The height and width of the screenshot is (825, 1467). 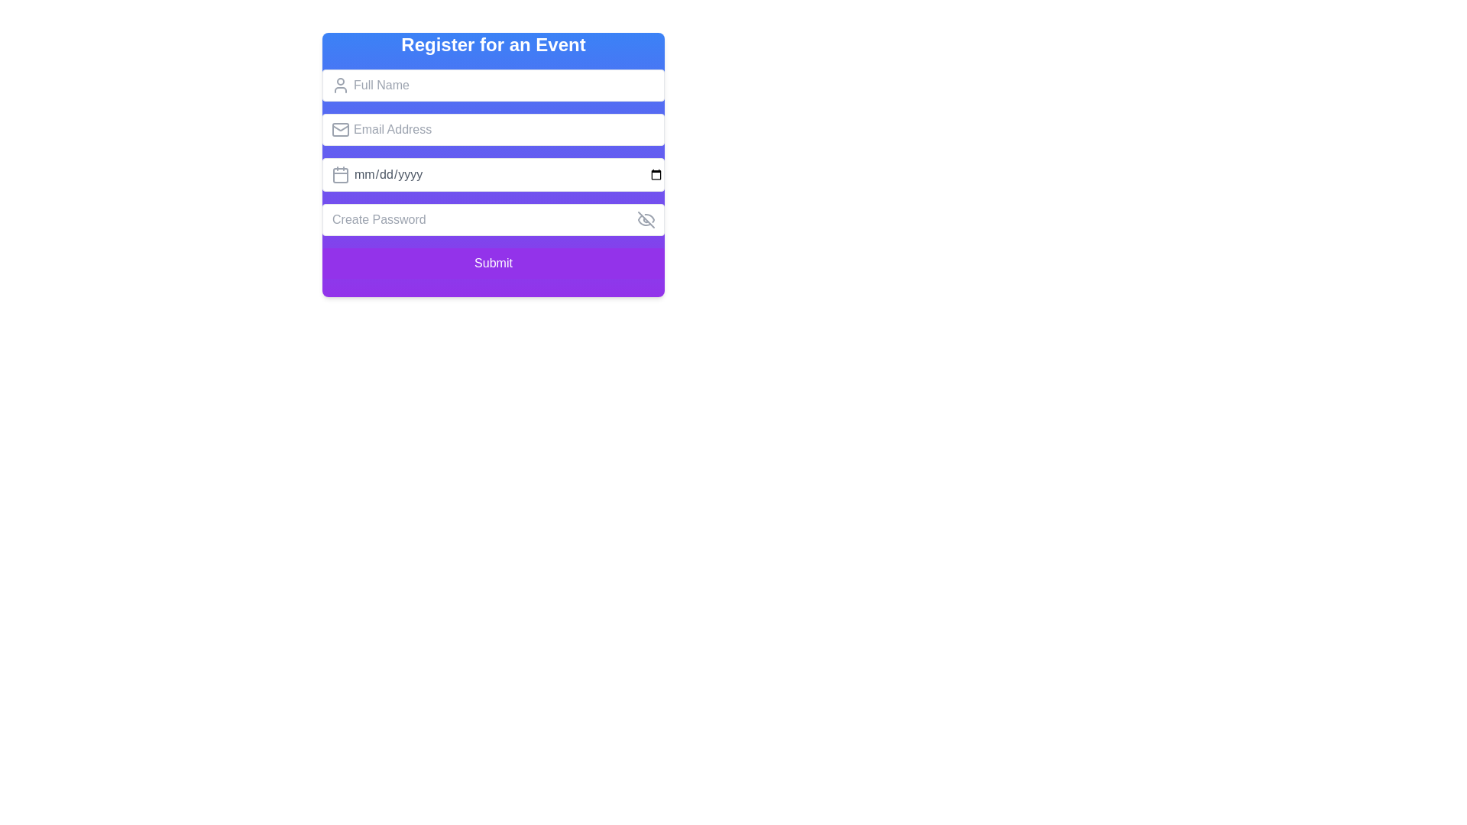 What do you see at coordinates (340, 85) in the screenshot?
I see `the decorative icon that indicates the purpose of the associated input field for entering a user's full name, which is located to the far left of the 'Full Name' text input field in the registration form` at bounding box center [340, 85].